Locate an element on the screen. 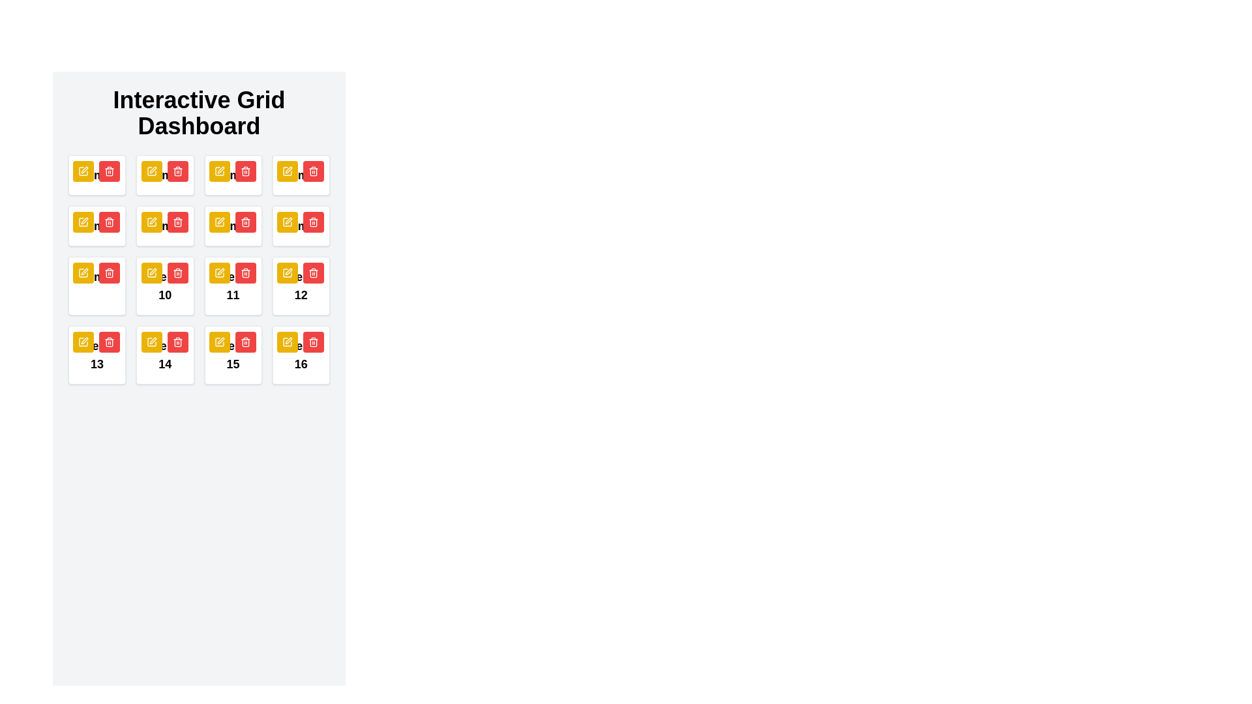  the Decorative UI element within the icon that resembles a square frame with rounded corners and is located inside an icon with a pen symbol in the grid's eleventh cell (row three, column three) is located at coordinates (219, 272).